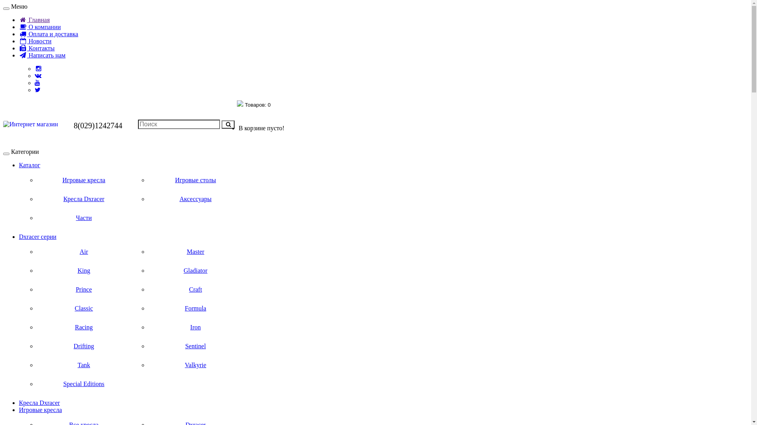 The height and width of the screenshot is (425, 757). I want to click on 'Special Editions', so click(84, 383).